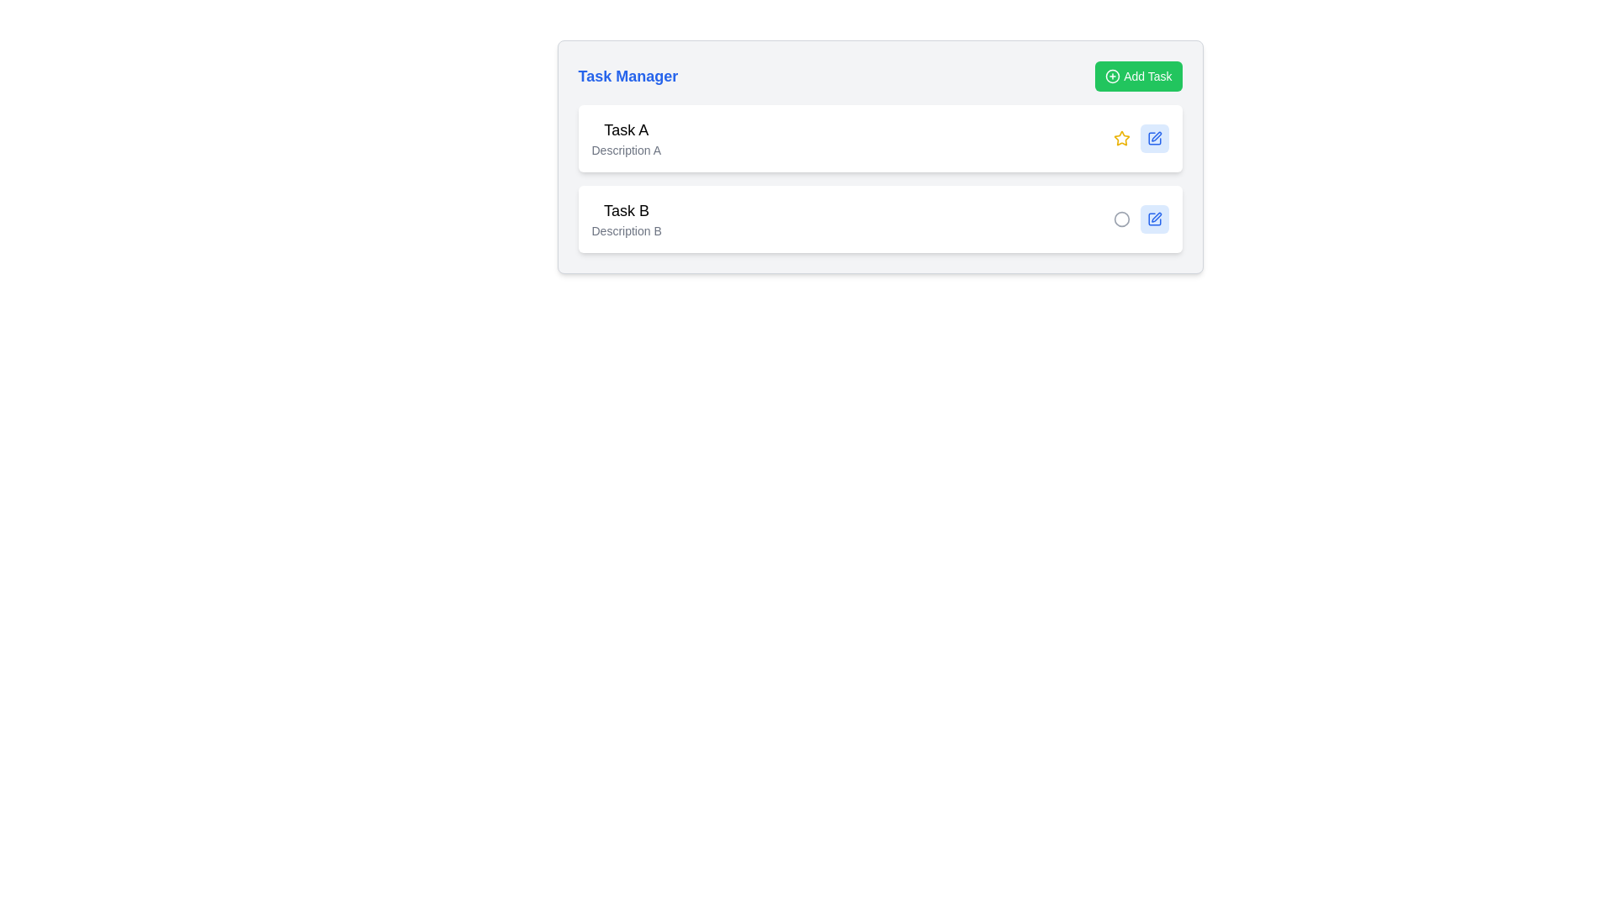 This screenshot has height=908, width=1615. What do you see at coordinates (1113, 77) in the screenshot?
I see `the central circular outline of the 'Add Task' button icon` at bounding box center [1113, 77].